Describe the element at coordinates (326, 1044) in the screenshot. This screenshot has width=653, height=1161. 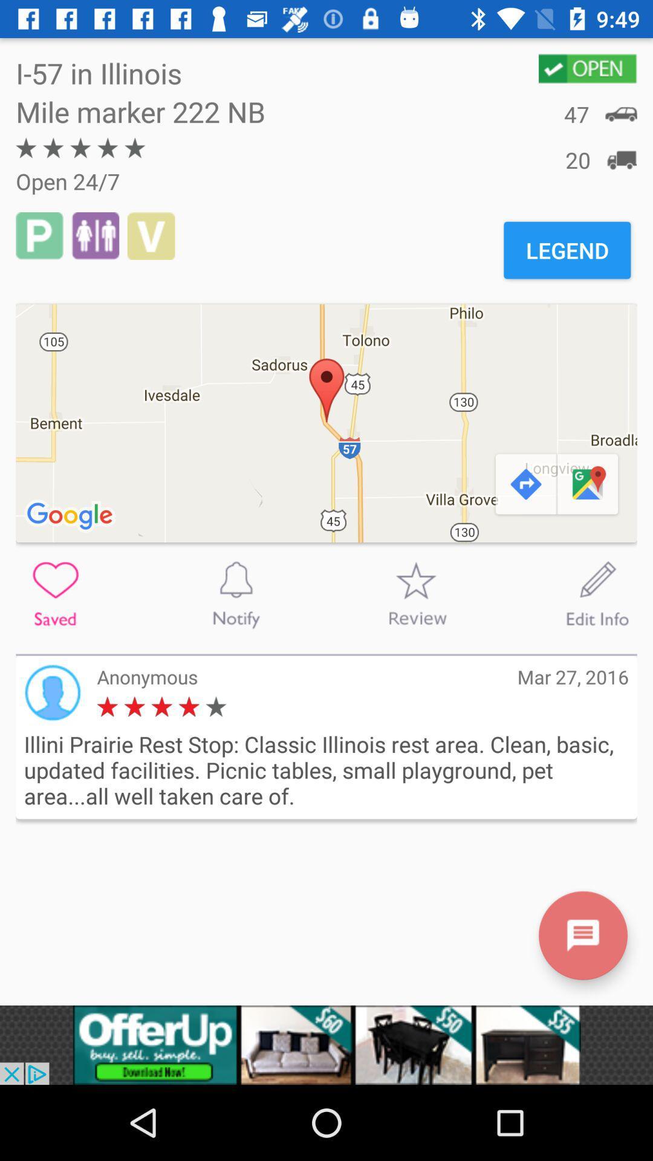
I see `advertisement page` at that location.